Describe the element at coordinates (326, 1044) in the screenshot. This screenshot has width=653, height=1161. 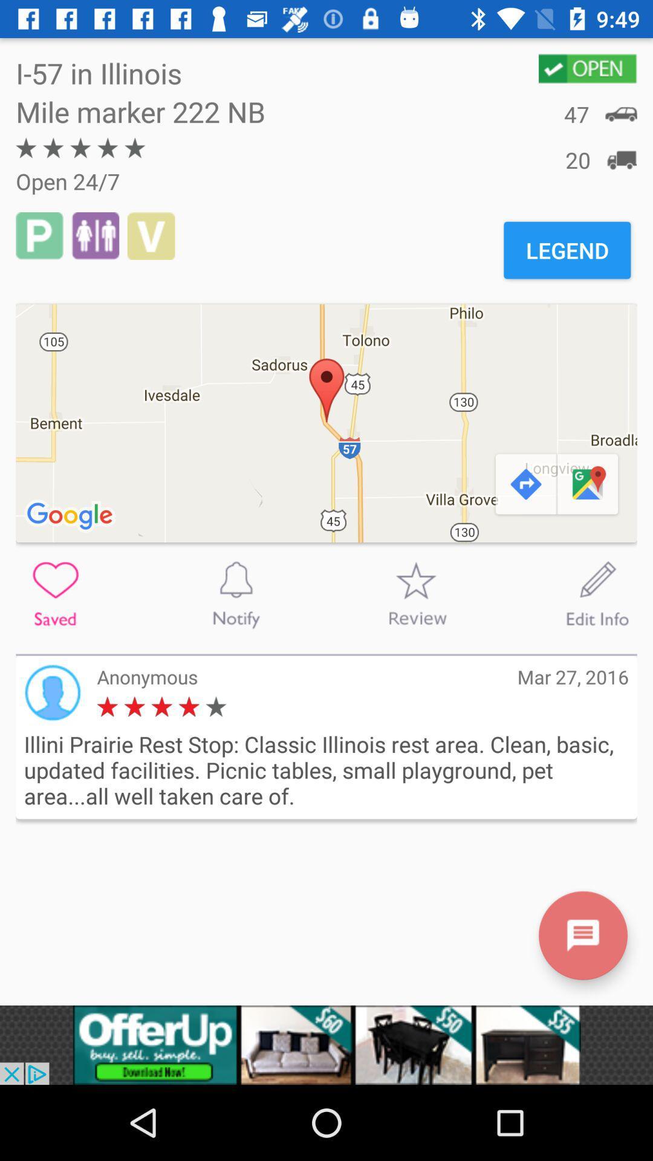
I see `advertisement page` at that location.